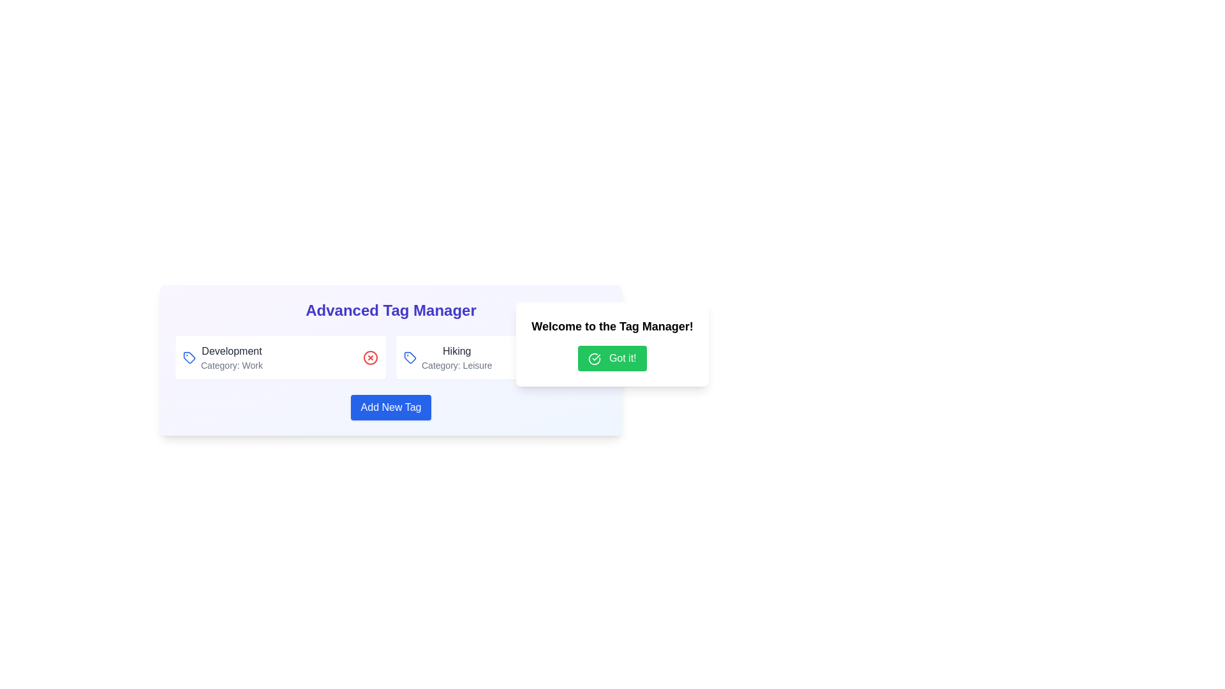 The width and height of the screenshot is (1225, 689). I want to click on the circular green checkmark icon located to the left of the 'Got it!' text inside the green button, so click(594, 359).